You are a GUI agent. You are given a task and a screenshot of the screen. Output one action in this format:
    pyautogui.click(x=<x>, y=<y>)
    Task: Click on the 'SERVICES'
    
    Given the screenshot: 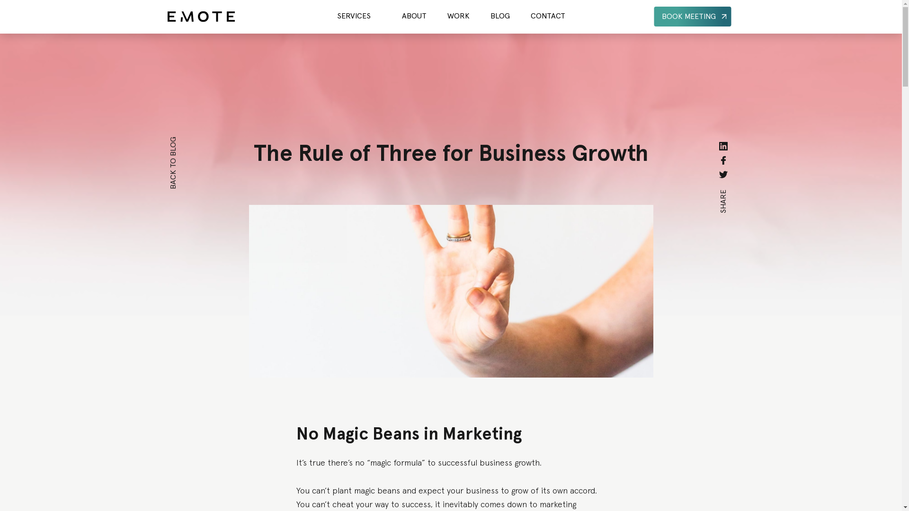 What is the action you would take?
    pyautogui.click(x=337, y=16)
    